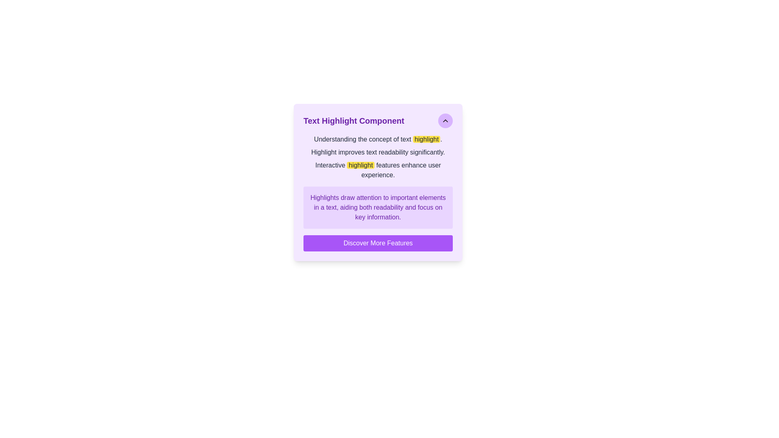 Image resolution: width=779 pixels, height=438 pixels. Describe the element at coordinates (377, 157) in the screenshot. I see `the Text block that conveys information about text highlighting and its benefits, located below the title of the 'Text Highlight Component' panel` at that location.